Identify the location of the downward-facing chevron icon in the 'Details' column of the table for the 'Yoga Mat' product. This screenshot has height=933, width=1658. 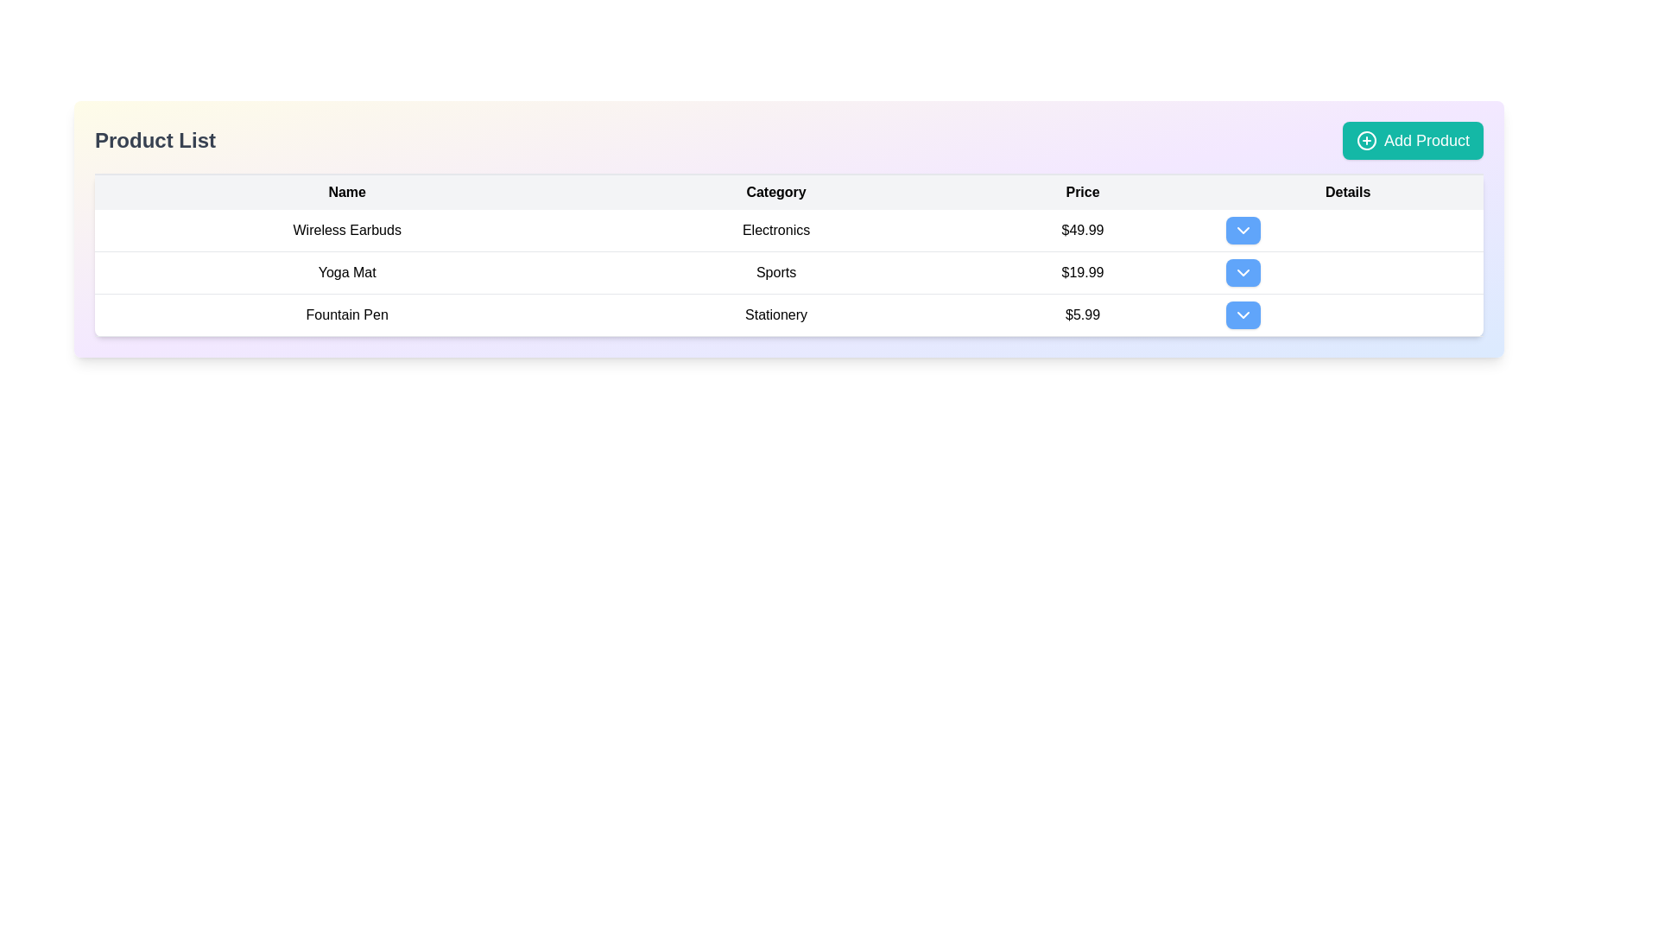
(1243, 272).